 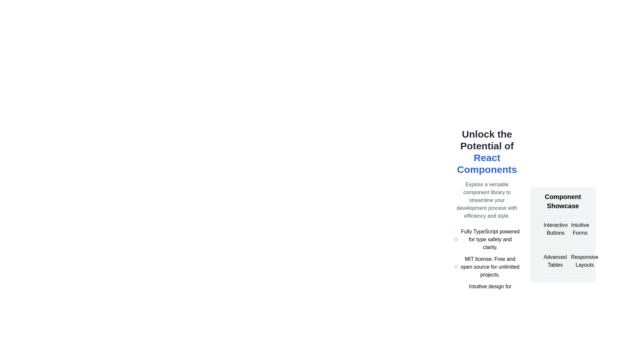 I want to click on text content of the paragraph element displaying the message: 'Explore a versatile component library to streamline your development process with efficiency and style.', so click(x=487, y=200).